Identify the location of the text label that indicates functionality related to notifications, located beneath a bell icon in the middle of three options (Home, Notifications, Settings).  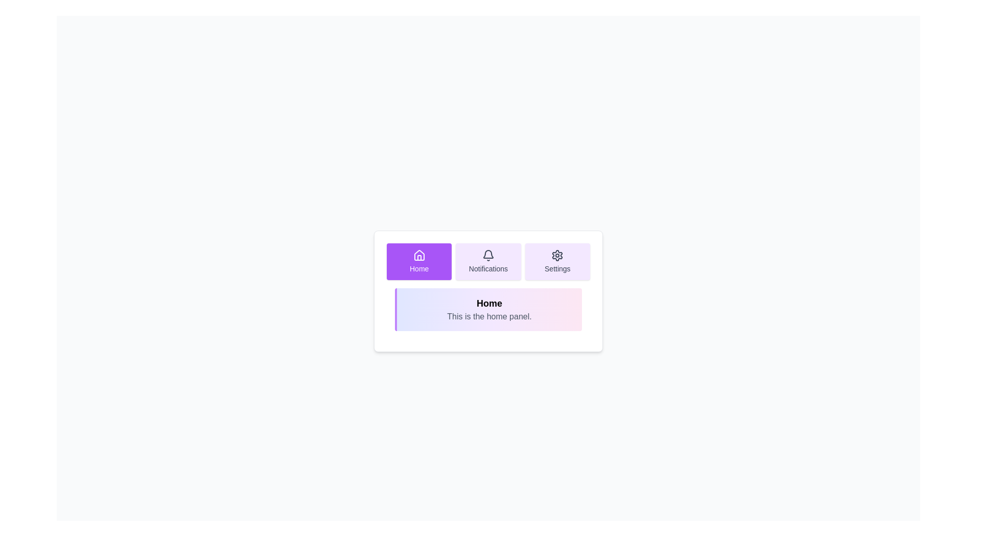
(487, 268).